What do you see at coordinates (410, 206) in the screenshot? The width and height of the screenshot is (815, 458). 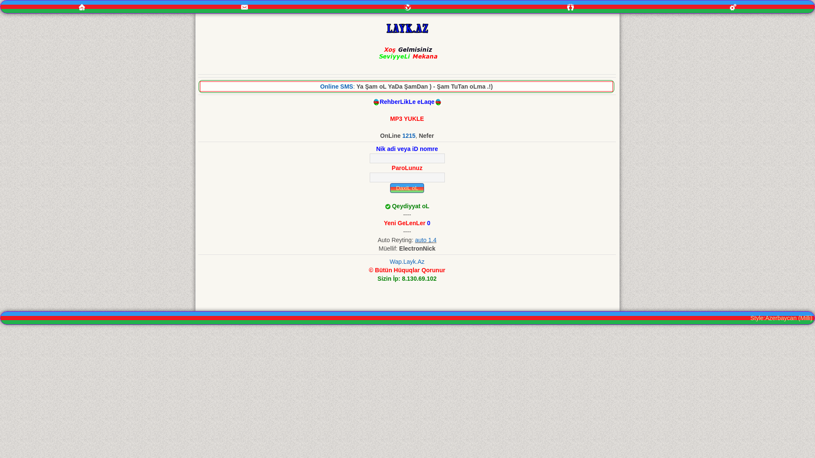 I see `'Qeydiyyat oL'` at bounding box center [410, 206].